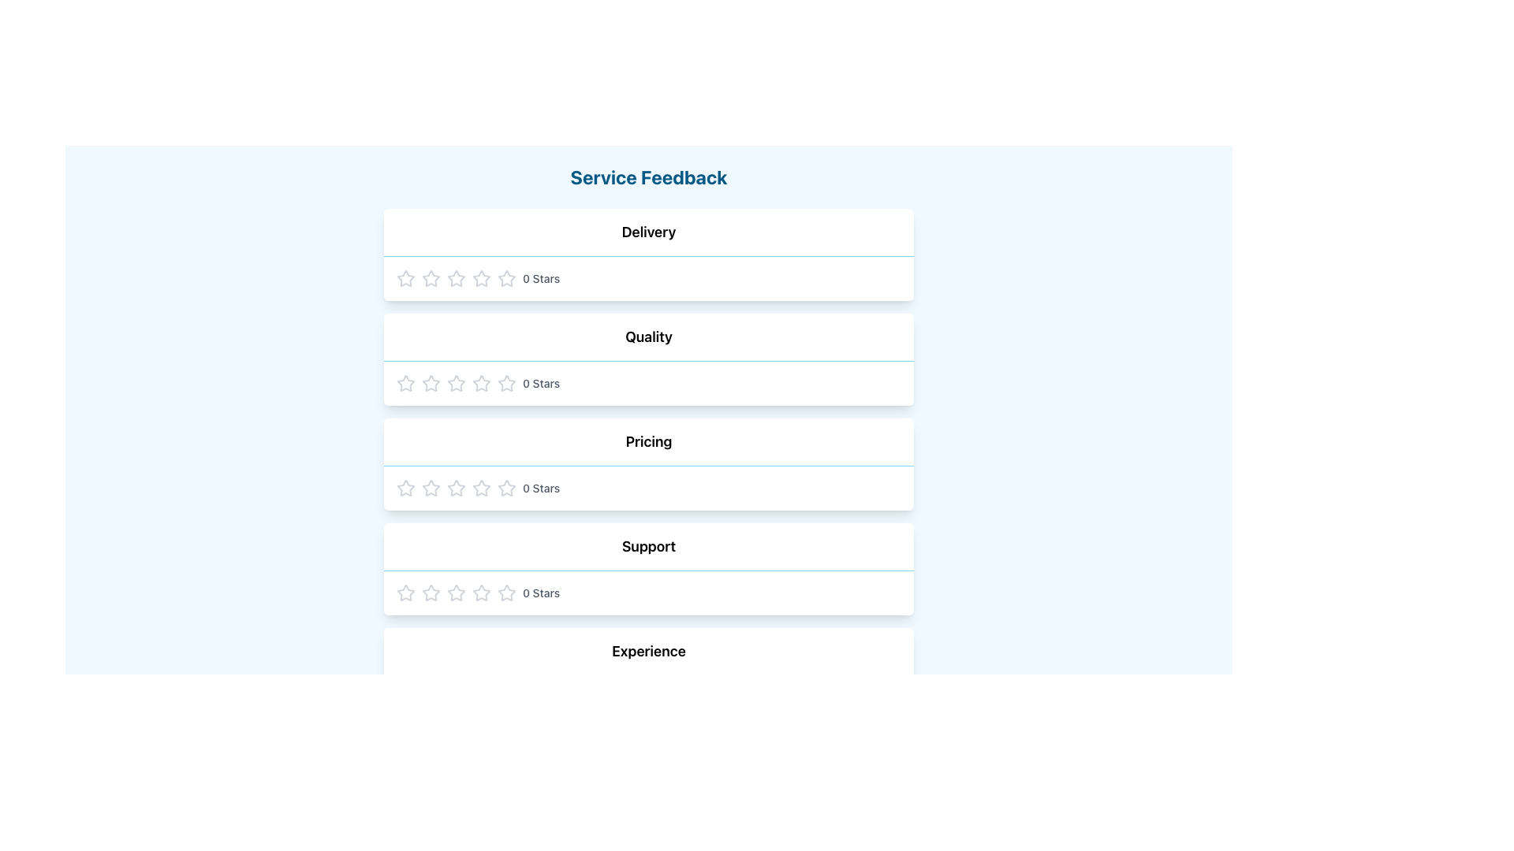  I want to click on the second section header text label that represents service quality, positioned between the 'Delivery' and 'Pricing' sections, so click(648, 336).